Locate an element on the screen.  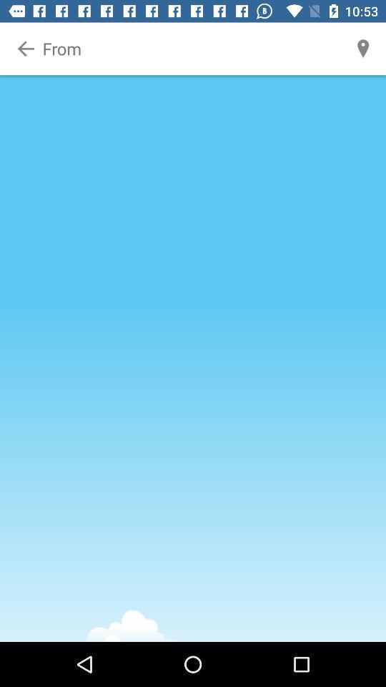
return to the previous page is located at coordinates (26, 49).